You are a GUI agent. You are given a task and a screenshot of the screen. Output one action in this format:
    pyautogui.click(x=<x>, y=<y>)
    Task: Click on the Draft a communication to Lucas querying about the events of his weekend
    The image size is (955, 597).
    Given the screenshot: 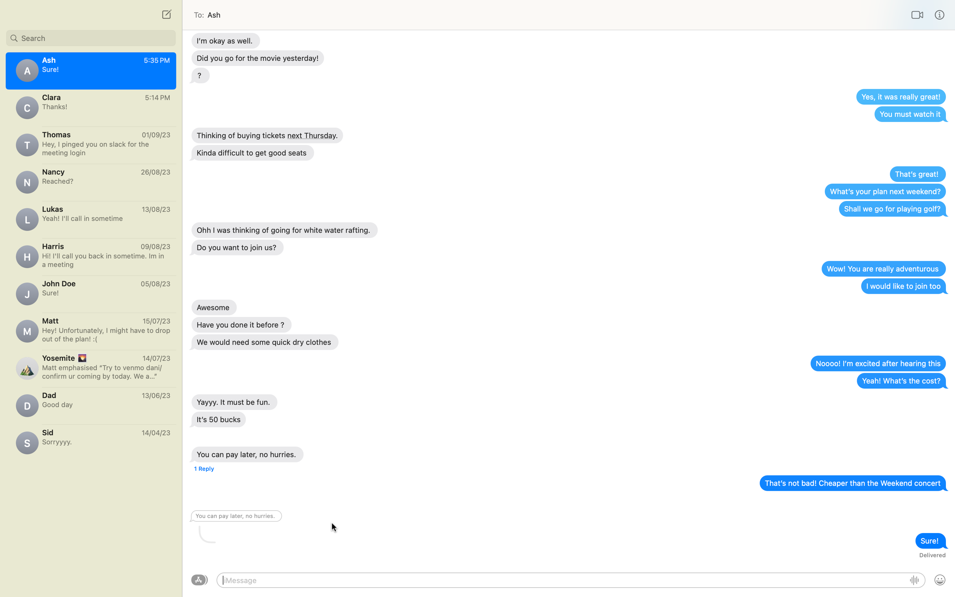 What is the action you would take?
    pyautogui.click(x=90, y=218)
    